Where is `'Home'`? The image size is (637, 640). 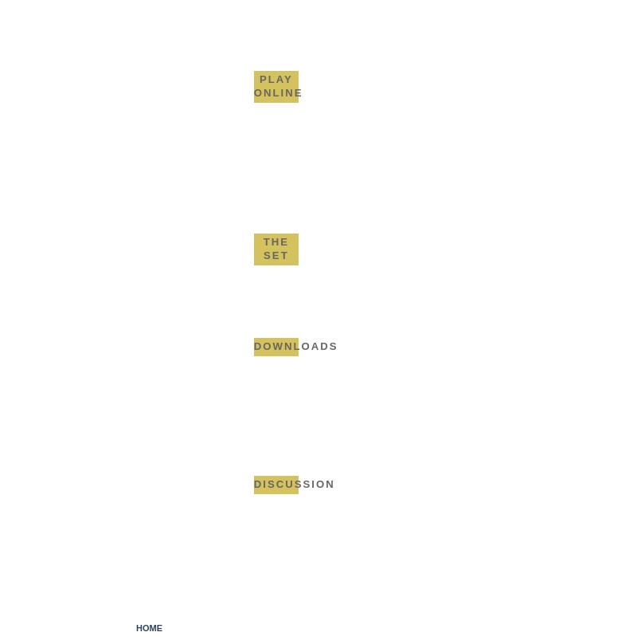 'Home' is located at coordinates (148, 626).